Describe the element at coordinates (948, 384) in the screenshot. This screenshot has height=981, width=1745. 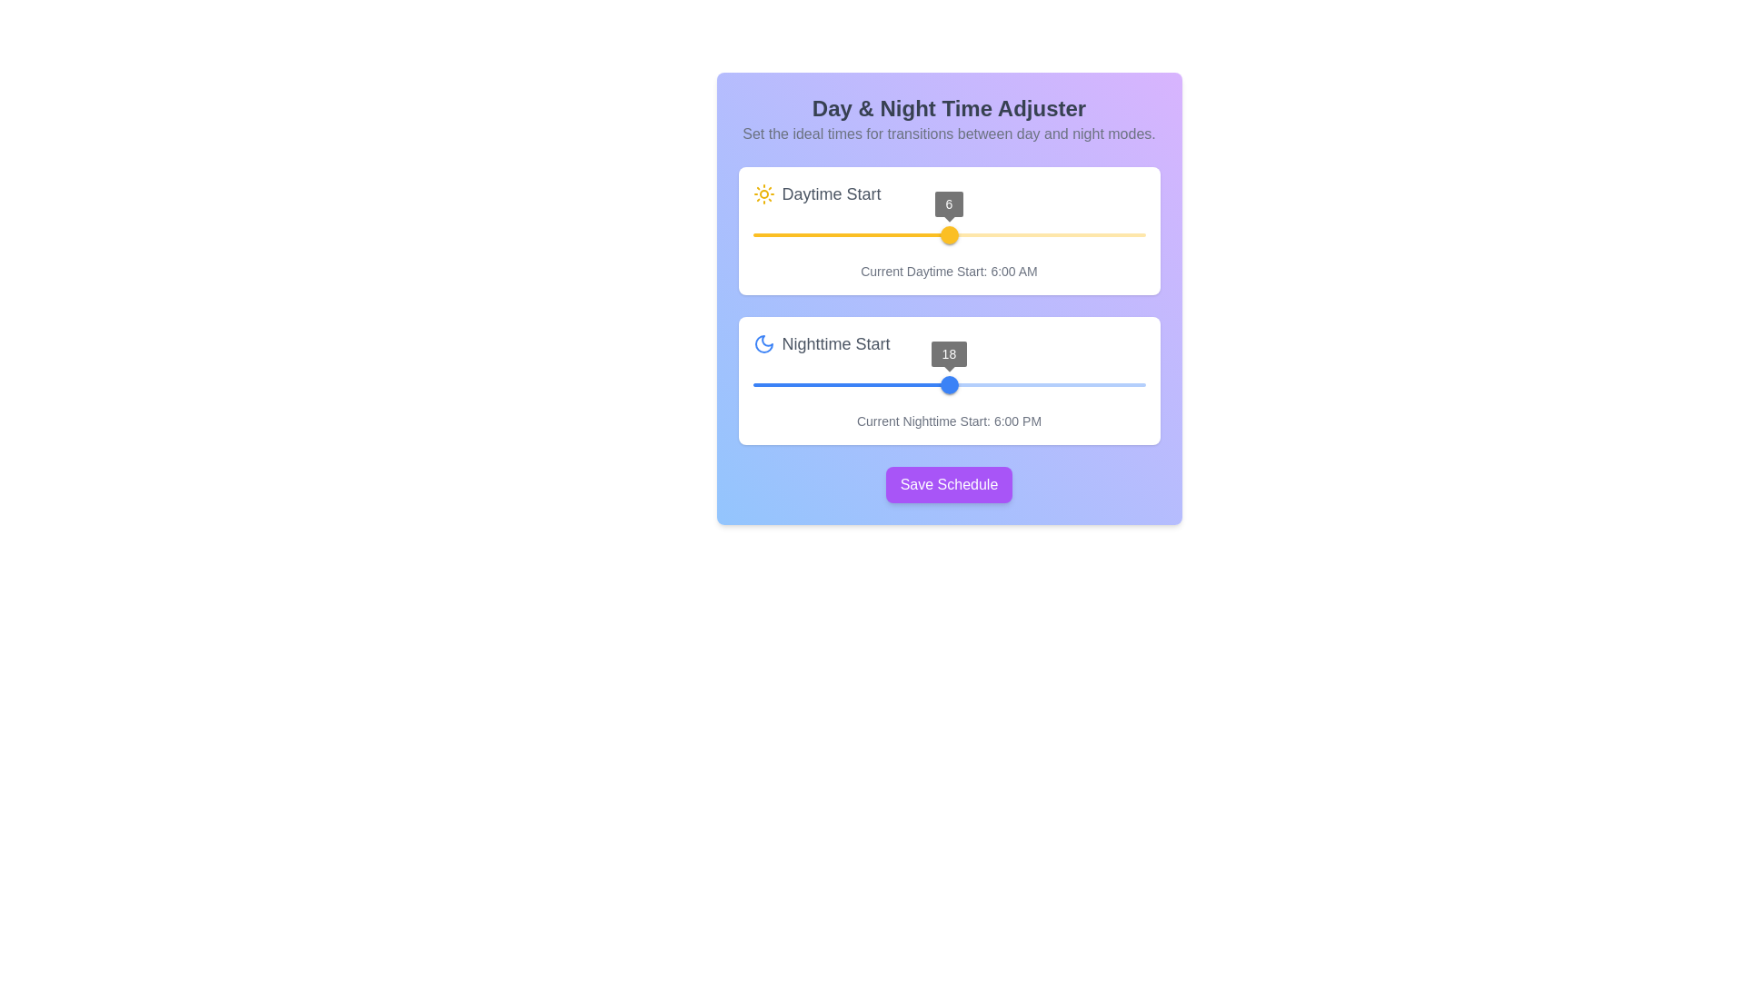
I see `nighttime start hour` at that location.